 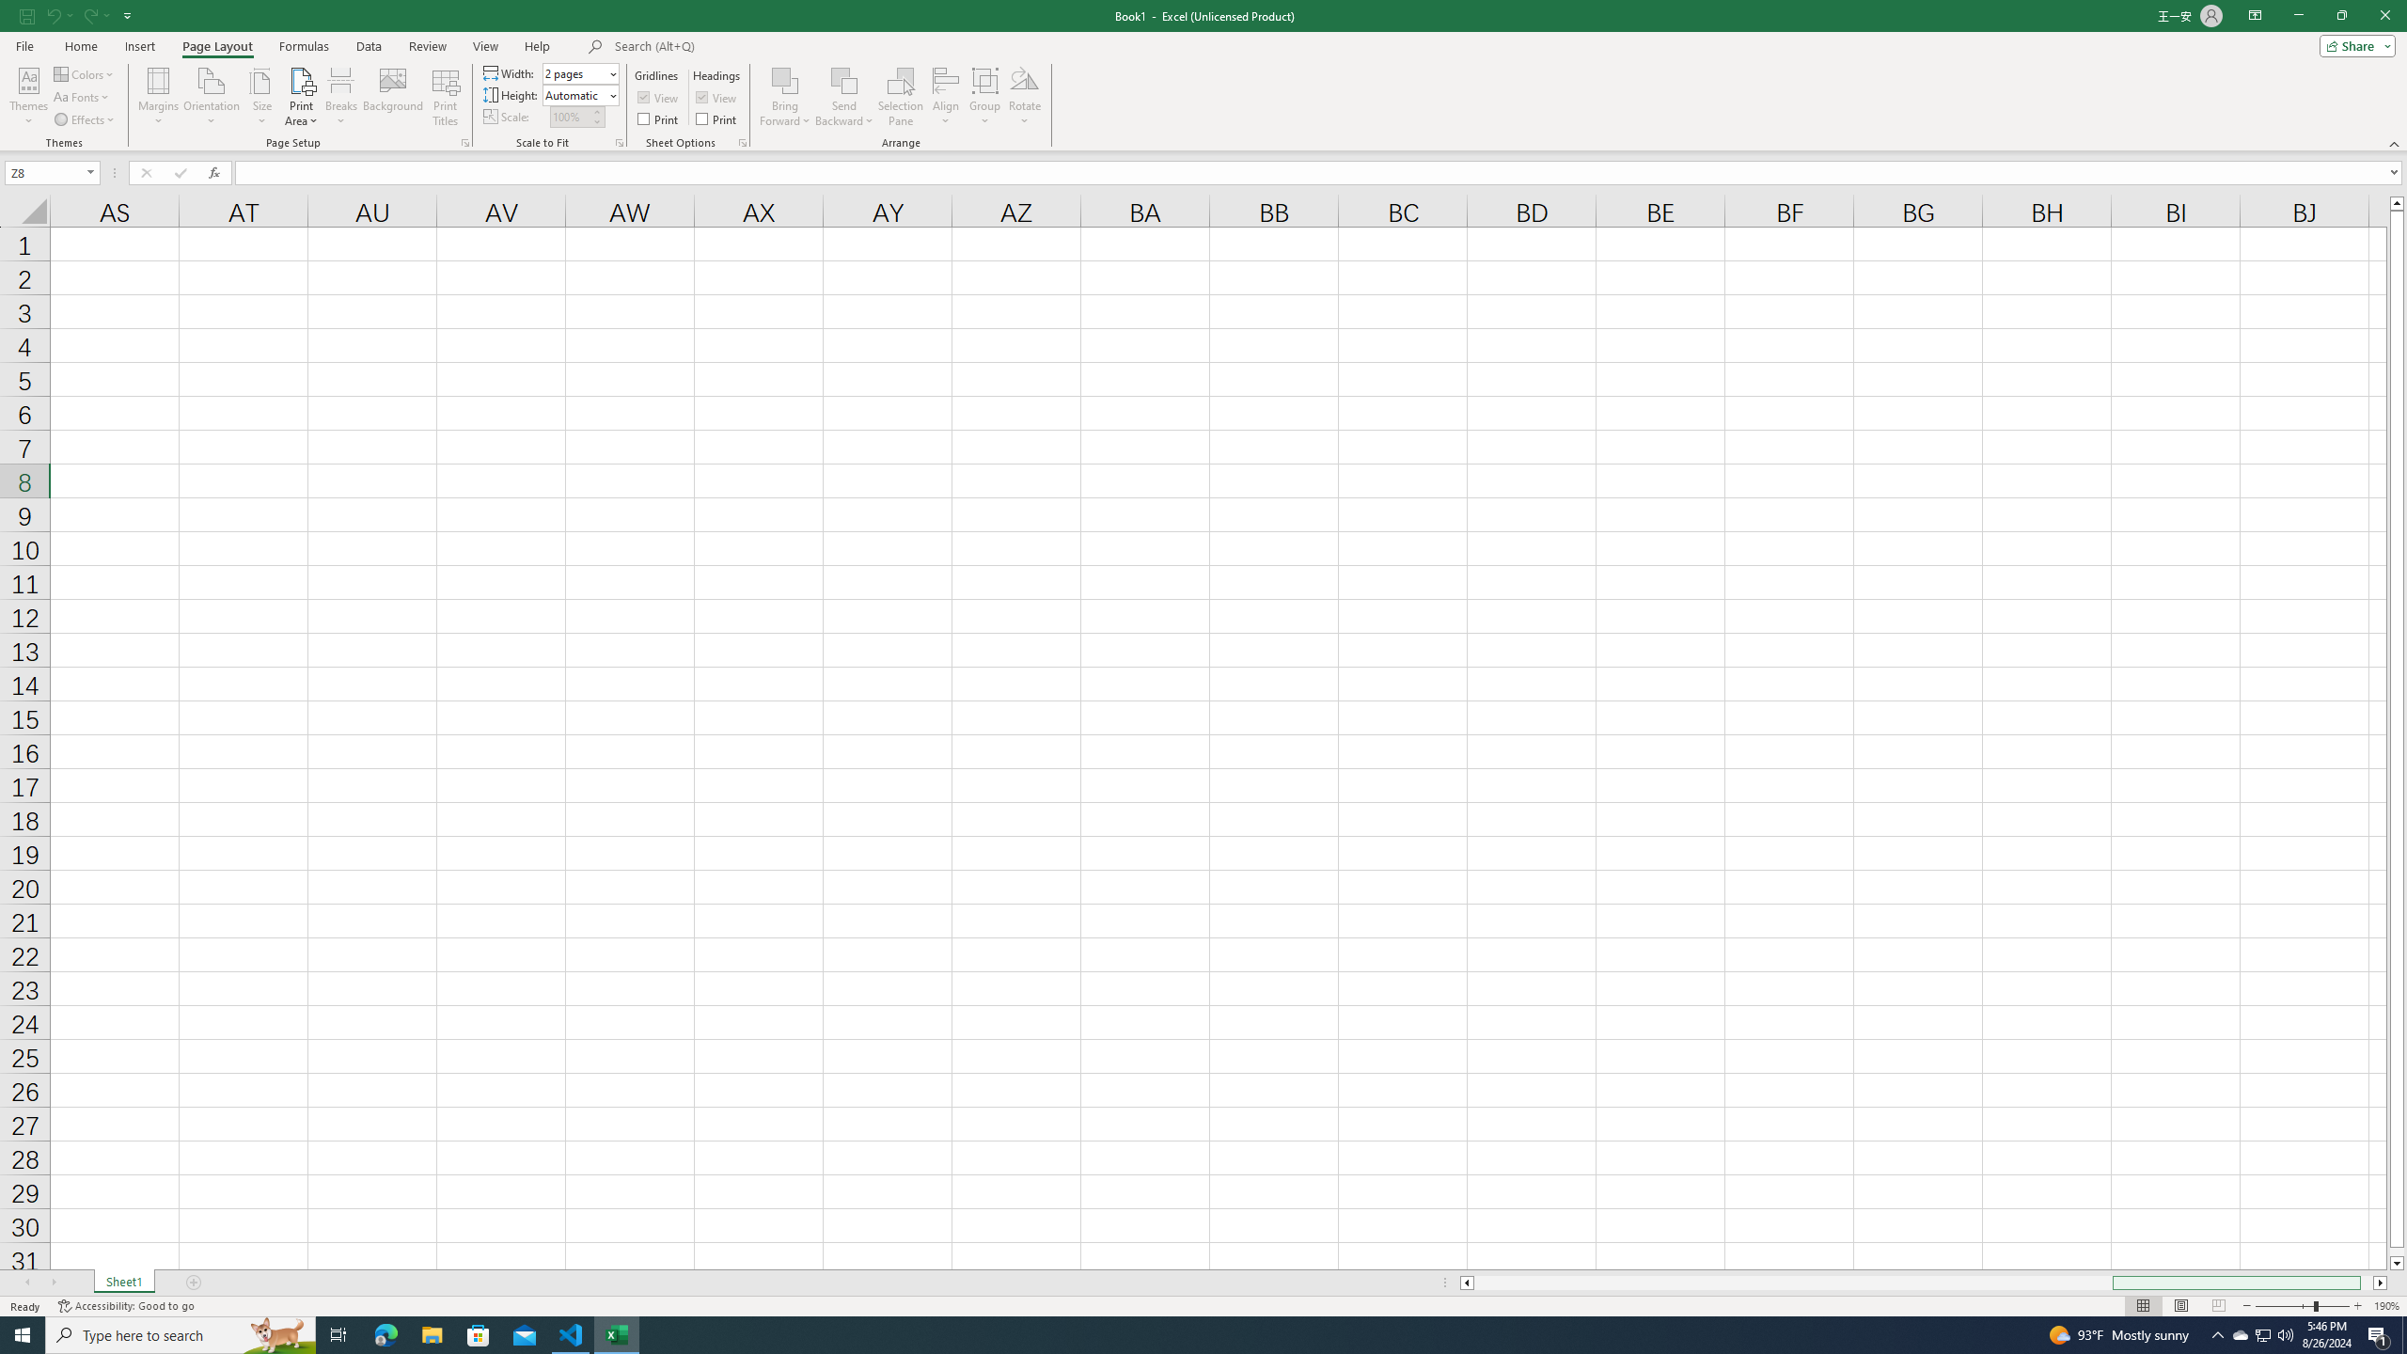 What do you see at coordinates (444, 97) in the screenshot?
I see `'Print Titles'` at bounding box center [444, 97].